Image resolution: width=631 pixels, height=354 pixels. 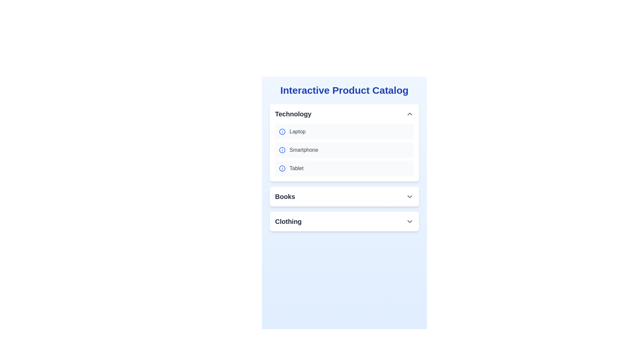 What do you see at coordinates (409, 196) in the screenshot?
I see `the dropdown toggle button` at bounding box center [409, 196].